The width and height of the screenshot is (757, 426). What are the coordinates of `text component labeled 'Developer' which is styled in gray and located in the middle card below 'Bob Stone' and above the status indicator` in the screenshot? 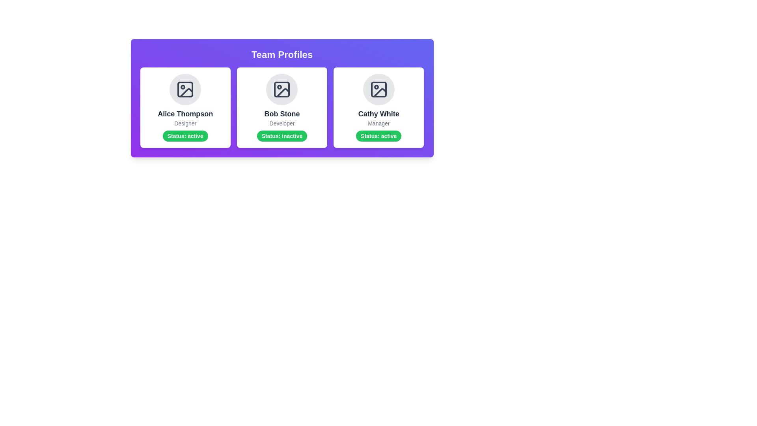 It's located at (282, 123).